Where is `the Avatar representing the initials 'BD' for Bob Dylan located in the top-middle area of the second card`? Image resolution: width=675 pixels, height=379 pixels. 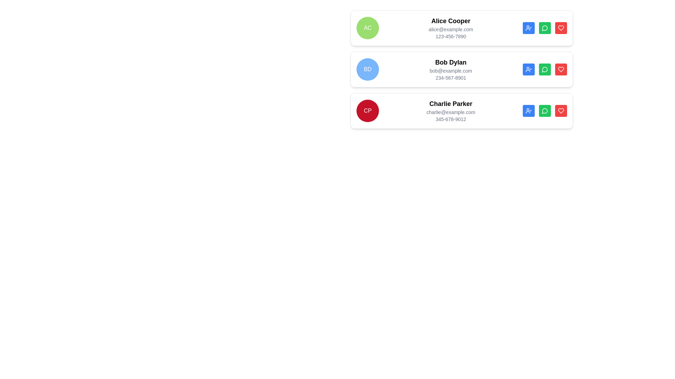 the Avatar representing the initials 'BD' for Bob Dylan located in the top-middle area of the second card is located at coordinates (367, 69).